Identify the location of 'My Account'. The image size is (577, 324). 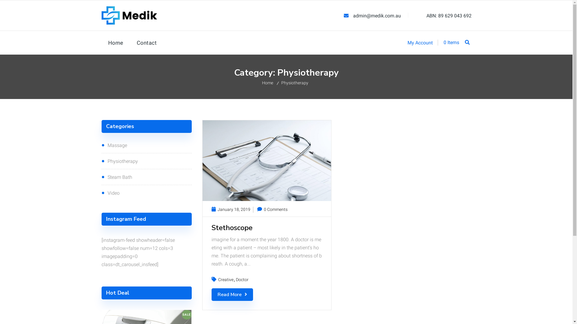
(420, 42).